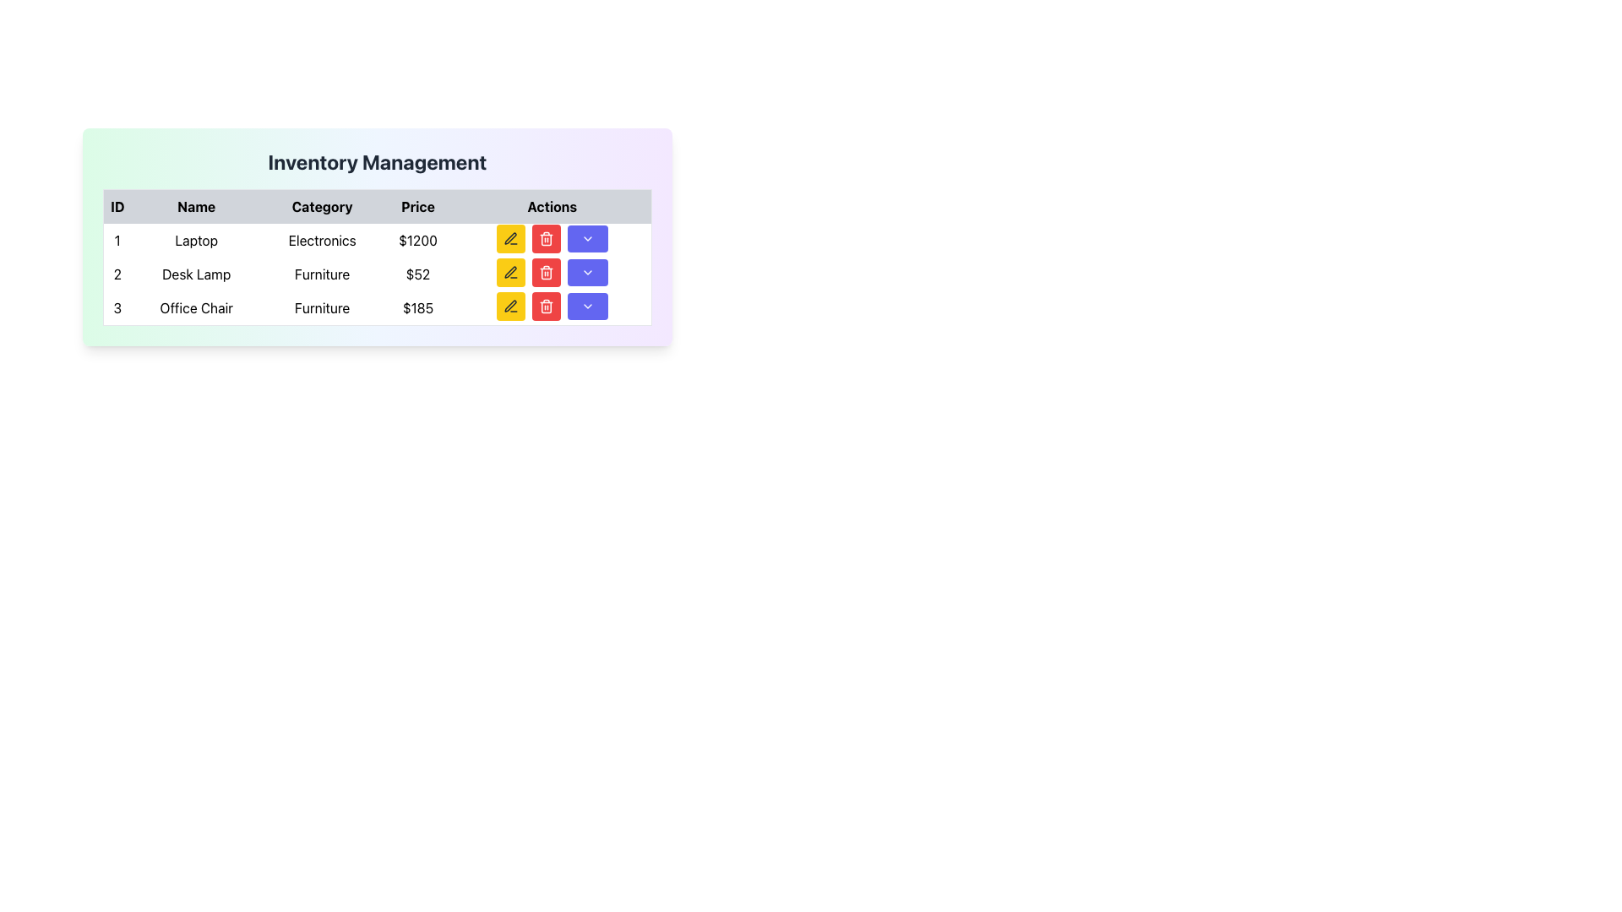 The width and height of the screenshot is (1622, 912). I want to click on the 'delete' icon located in the 'Actions' column of the third row in the table, so click(546, 306).